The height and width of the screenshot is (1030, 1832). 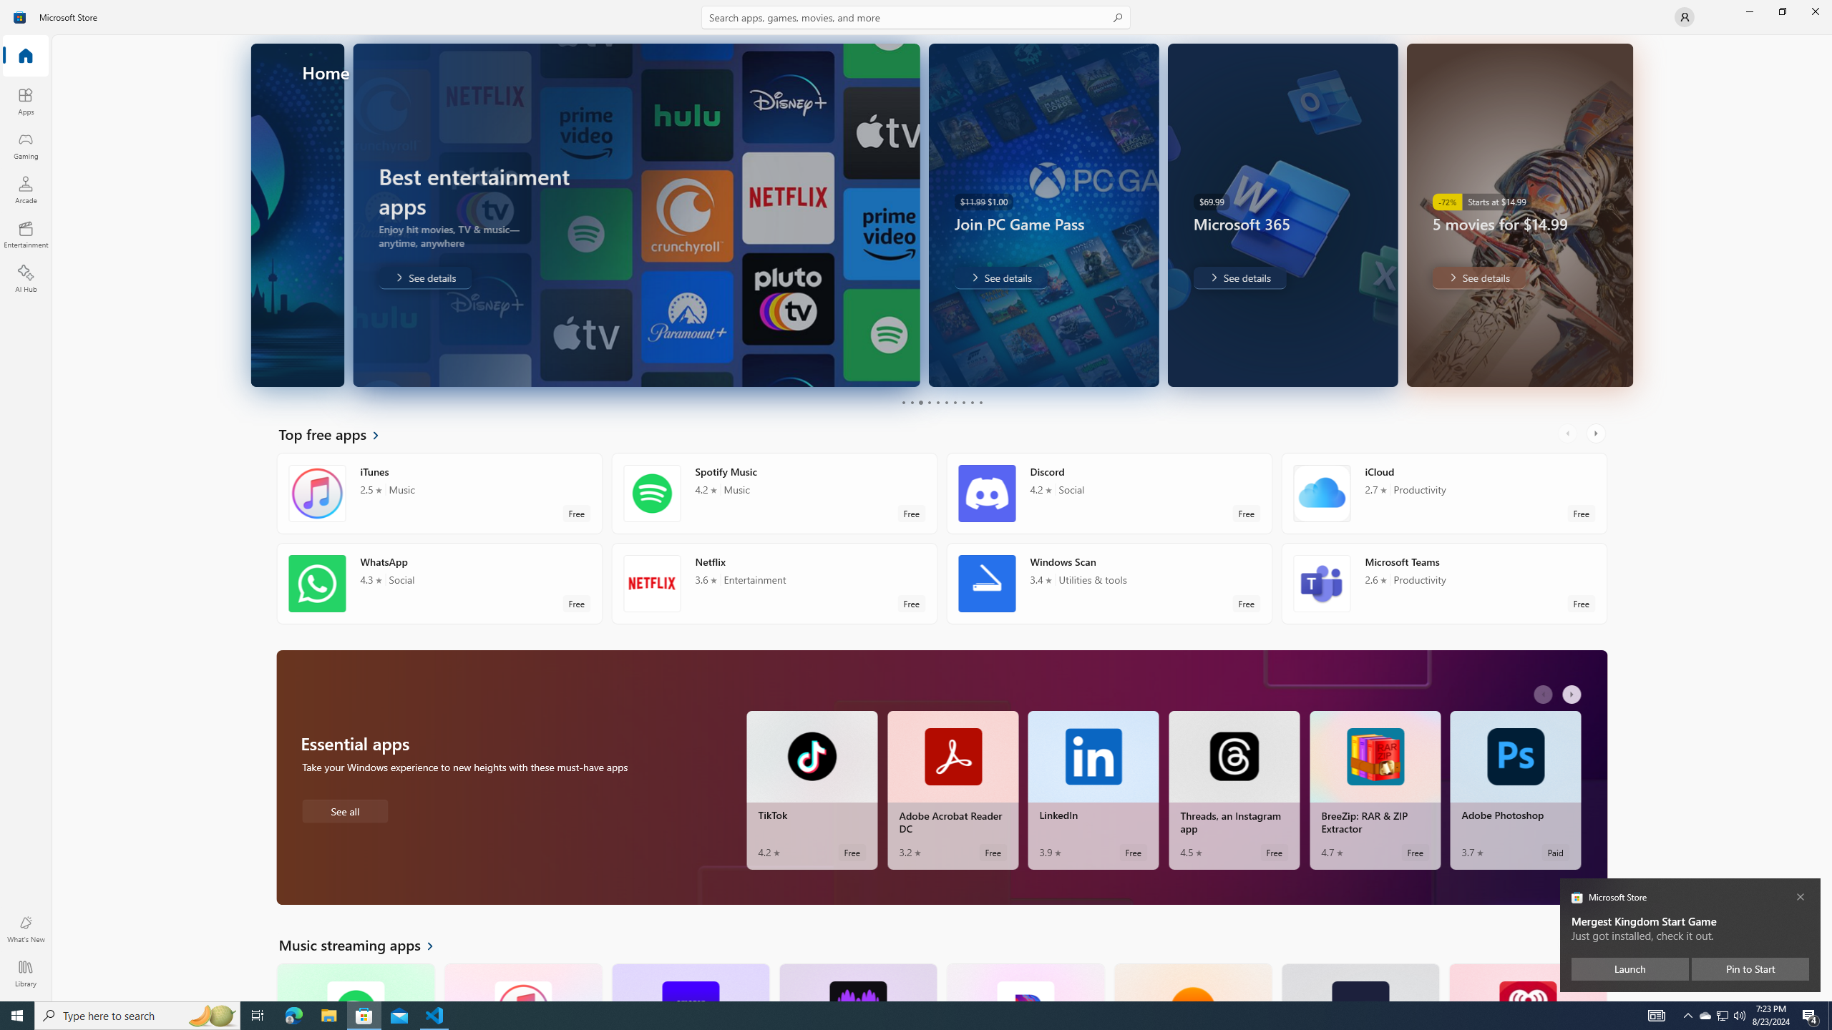 I want to click on 'WhatsApp. Average rating of 4.3 out of five stars. Free  ', so click(x=439, y=583).